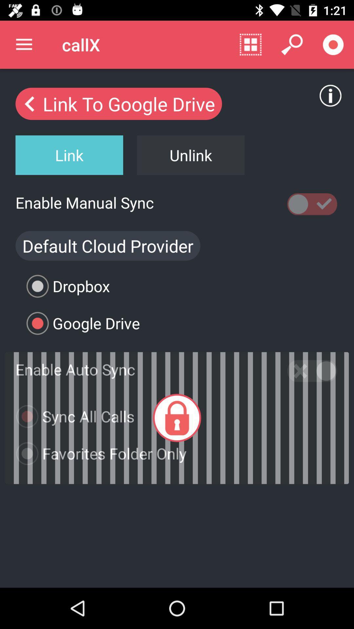  What do you see at coordinates (330, 95) in the screenshot?
I see `the info icon` at bounding box center [330, 95].